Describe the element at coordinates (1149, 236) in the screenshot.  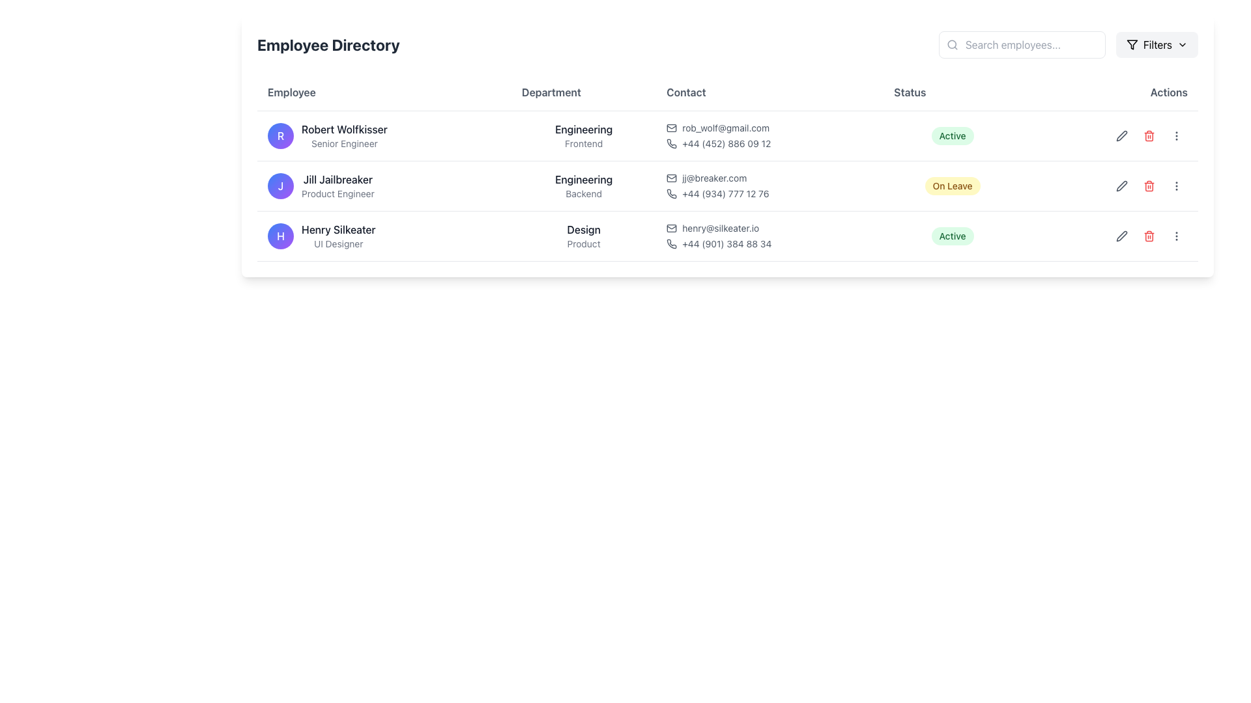
I see `the red trash can icon in the actions column of the third row` at that location.